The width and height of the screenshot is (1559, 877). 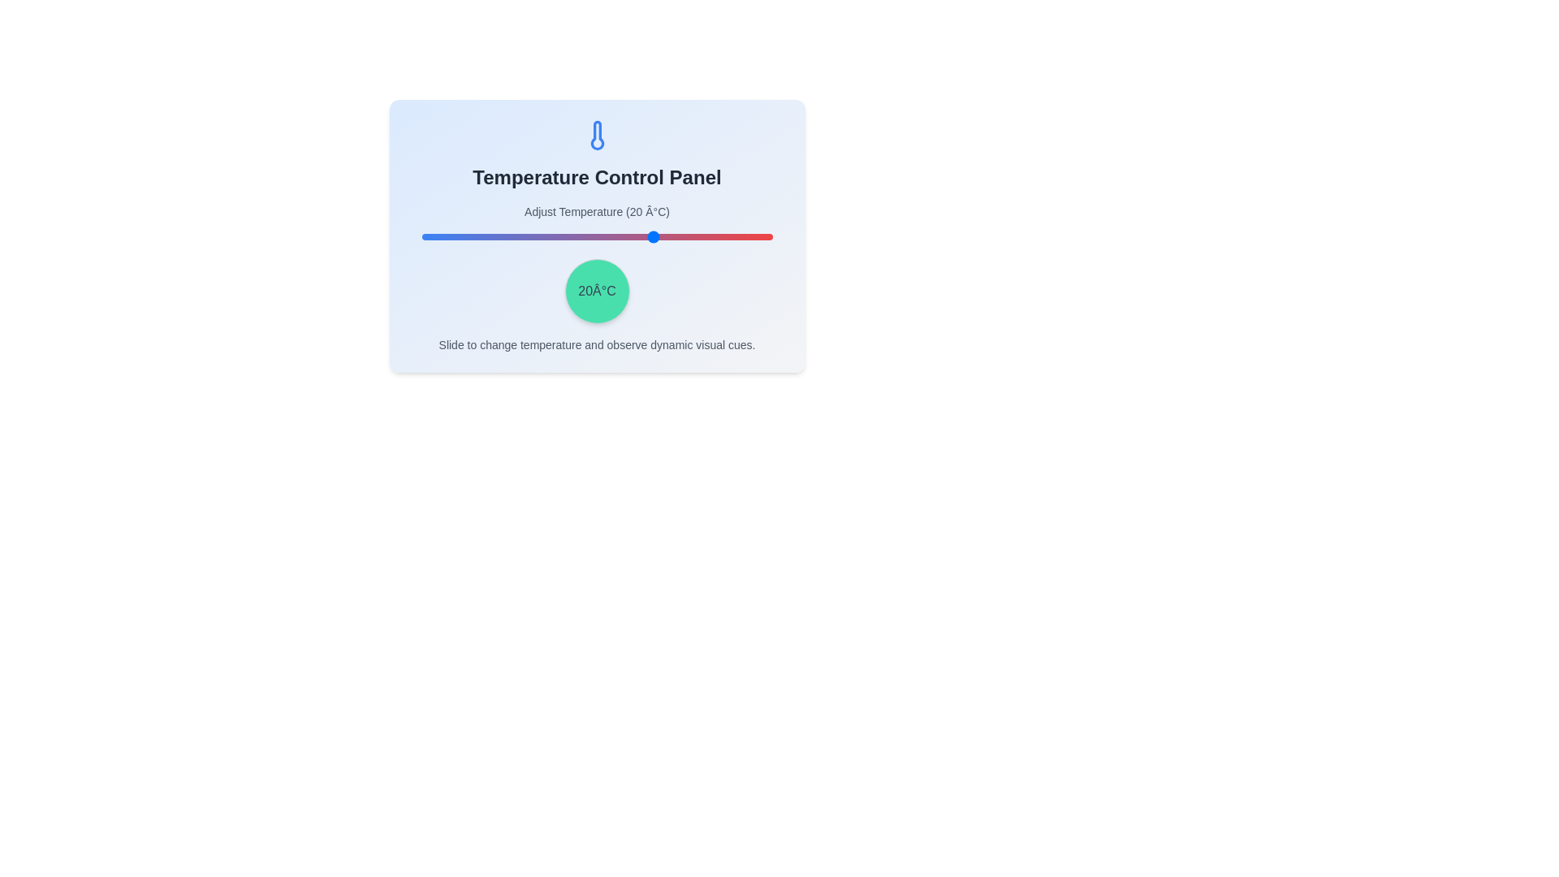 I want to click on the temperature to 49°C using the slider, so click(x=767, y=237).